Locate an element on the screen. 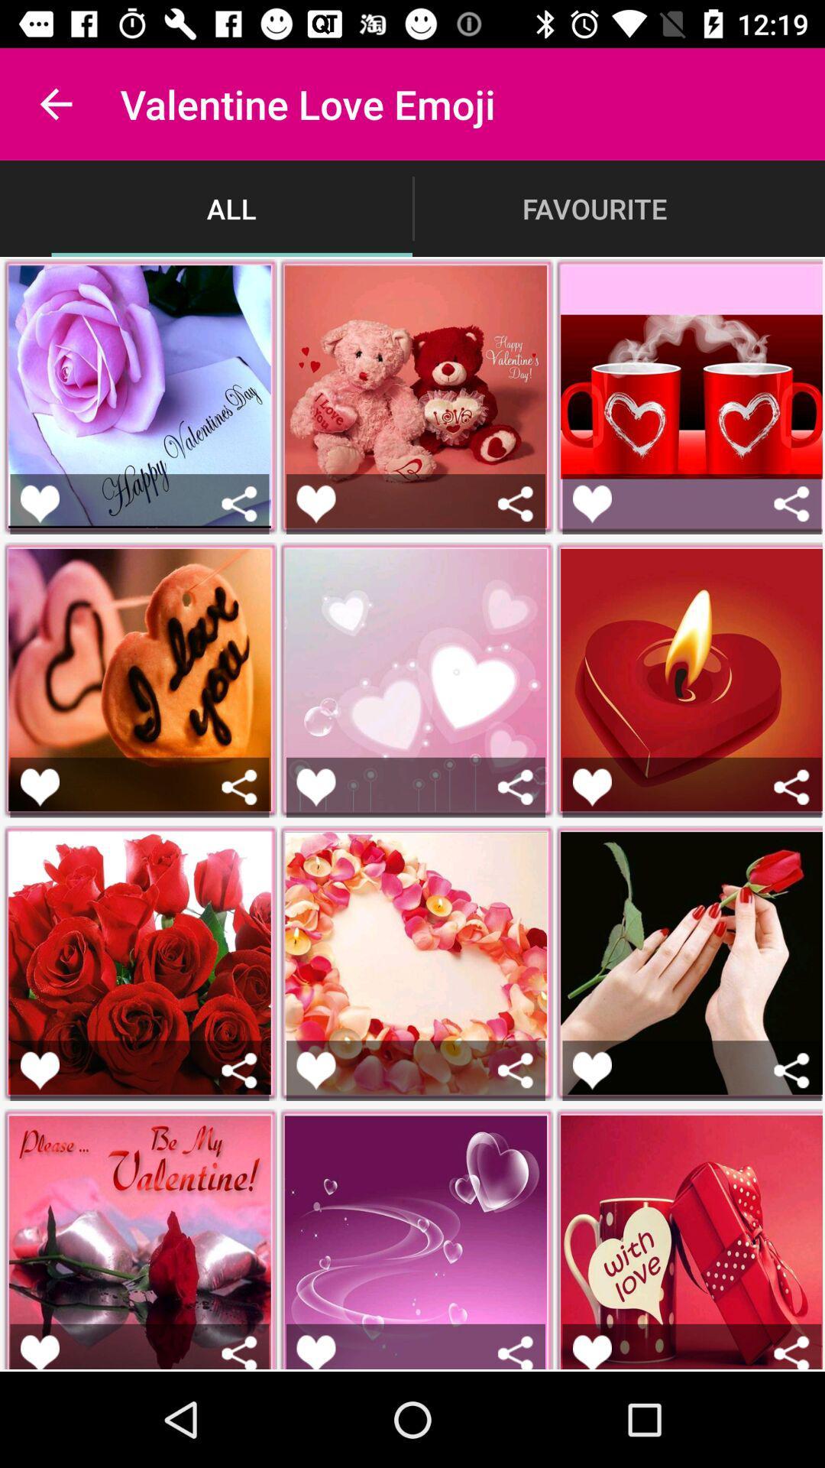  to favourite is located at coordinates (39, 787).